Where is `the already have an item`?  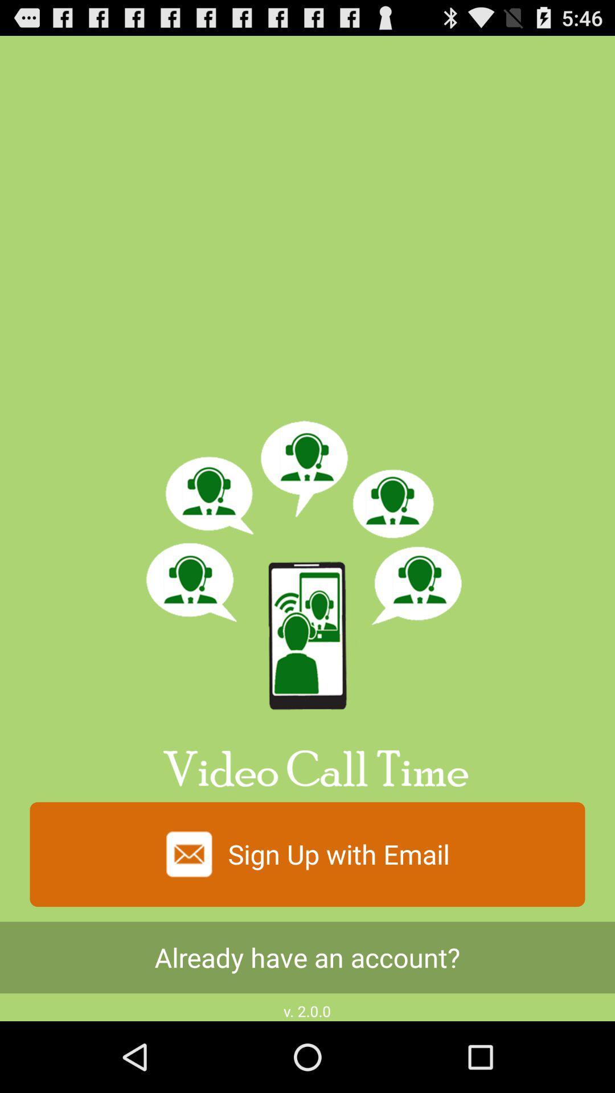
the already have an item is located at coordinates (307, 957).